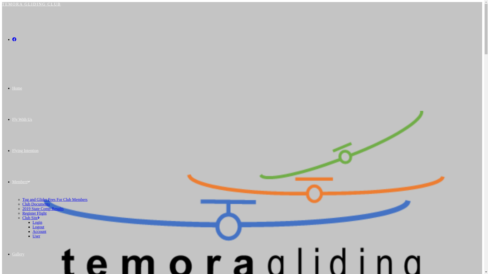 This screenshot has width=488, height=274. Describe the element at coordinates (21, 181) in the screenshot. I see `'Members'` at that location.